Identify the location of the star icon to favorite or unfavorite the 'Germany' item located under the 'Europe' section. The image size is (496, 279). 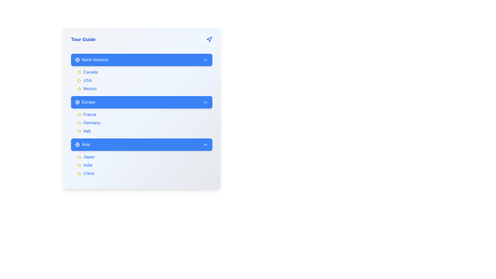
(79, 123).